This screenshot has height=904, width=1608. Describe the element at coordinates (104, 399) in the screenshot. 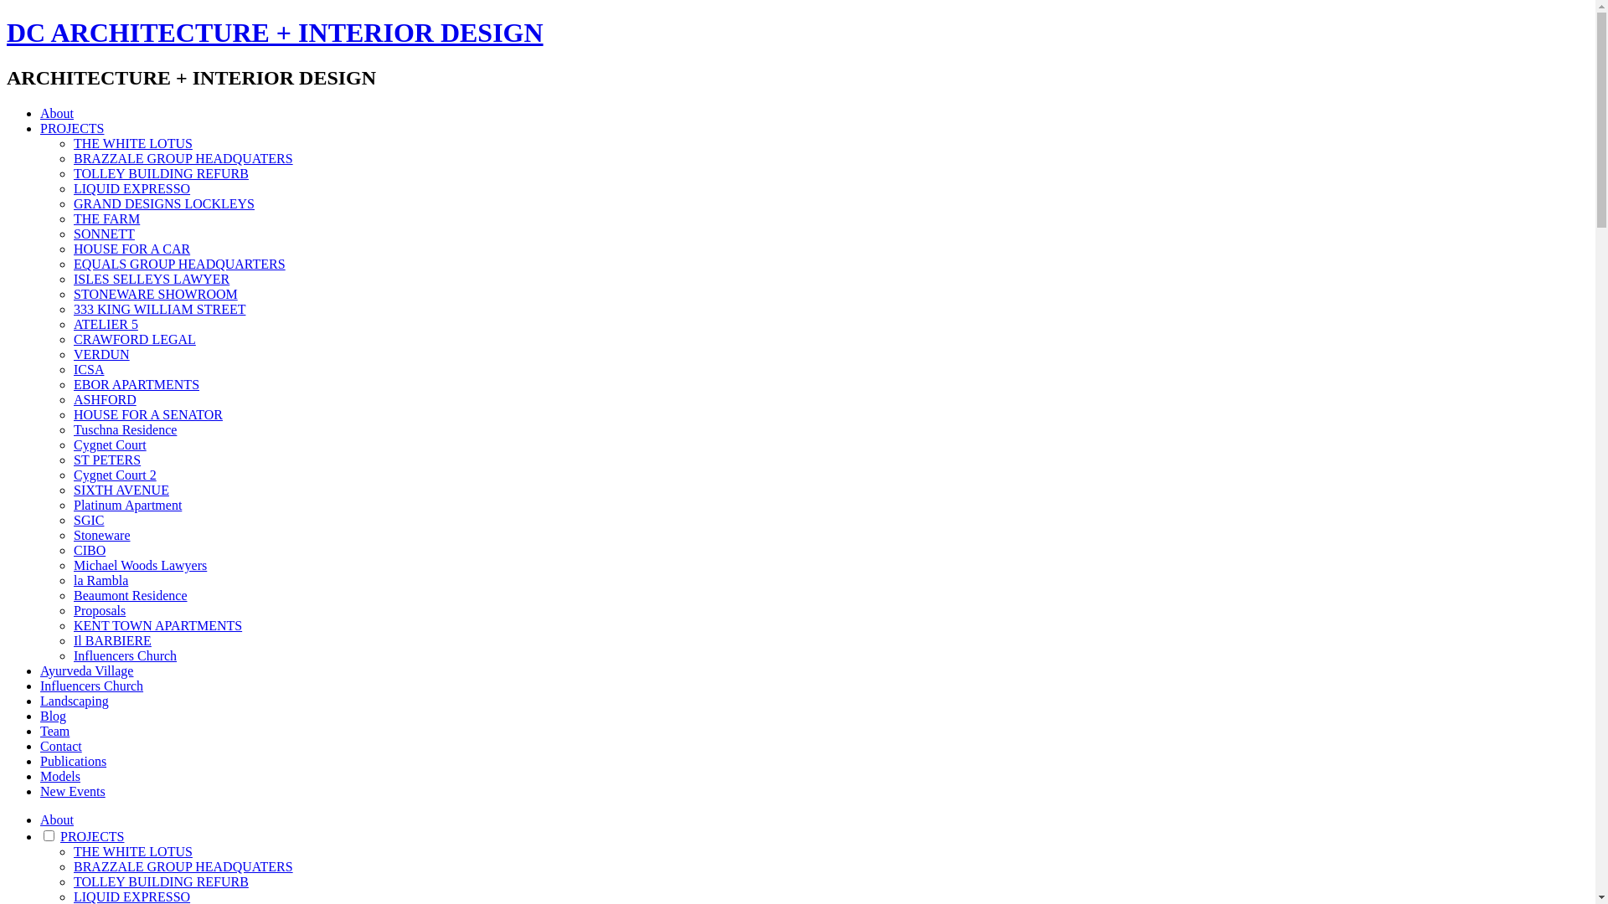

I see `'ASHFORD'` at that location.